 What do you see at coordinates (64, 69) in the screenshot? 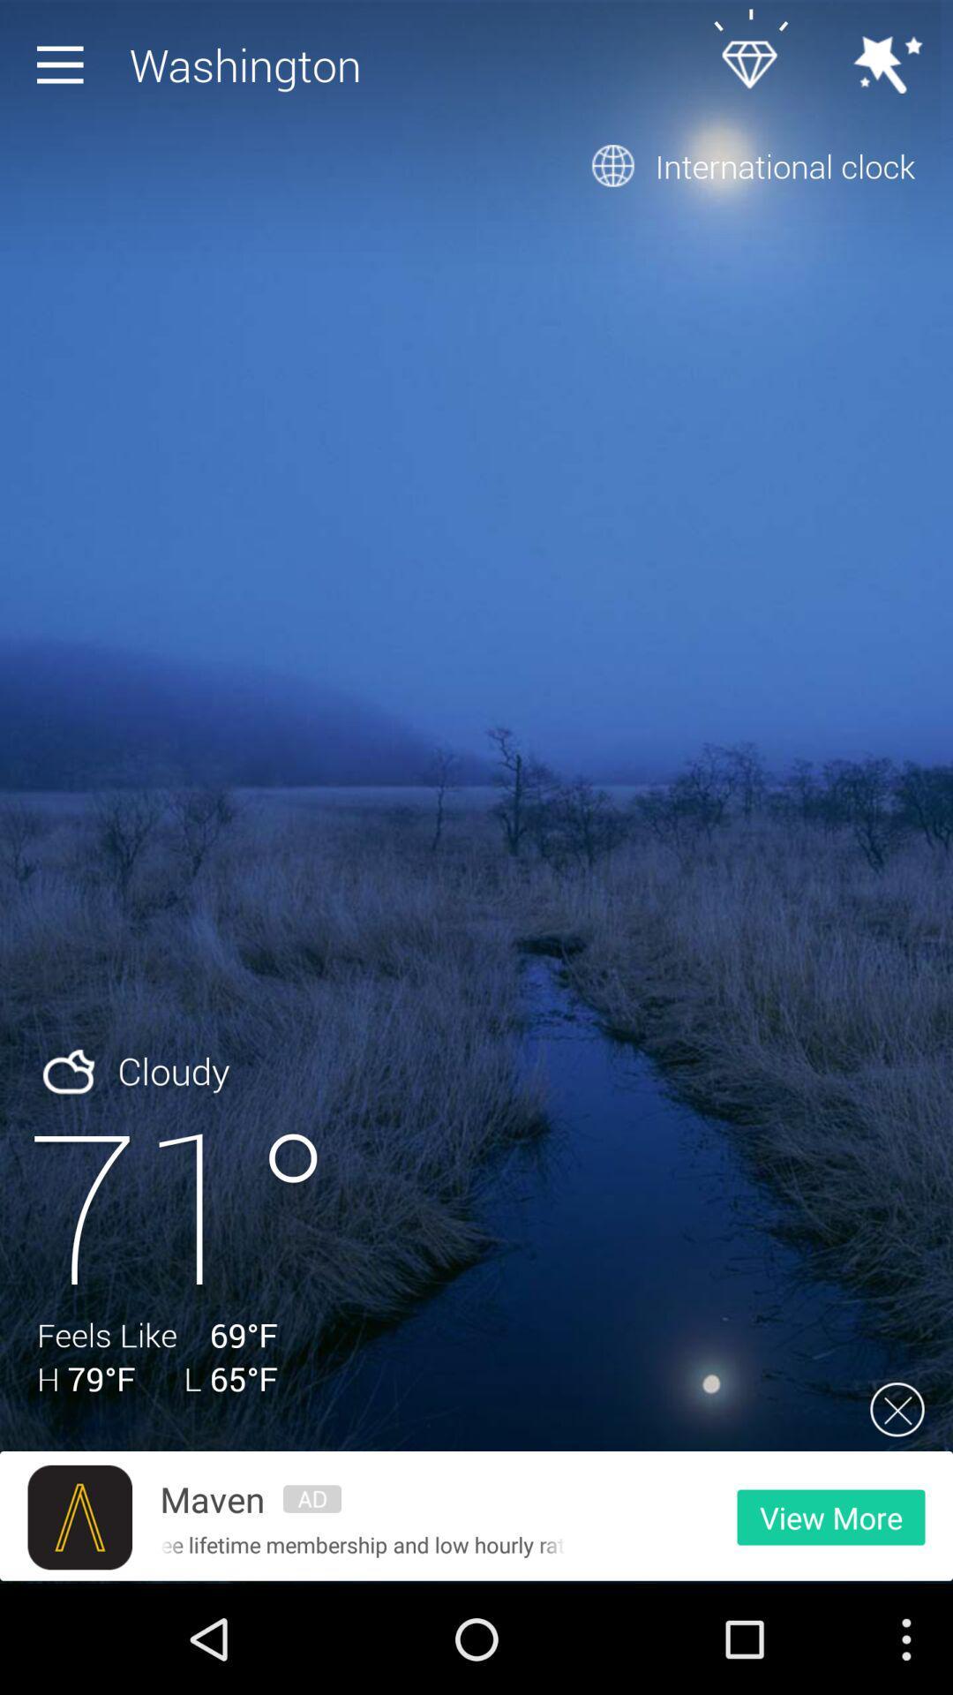
I see `the menu icon` at bounding box center [64, 69].